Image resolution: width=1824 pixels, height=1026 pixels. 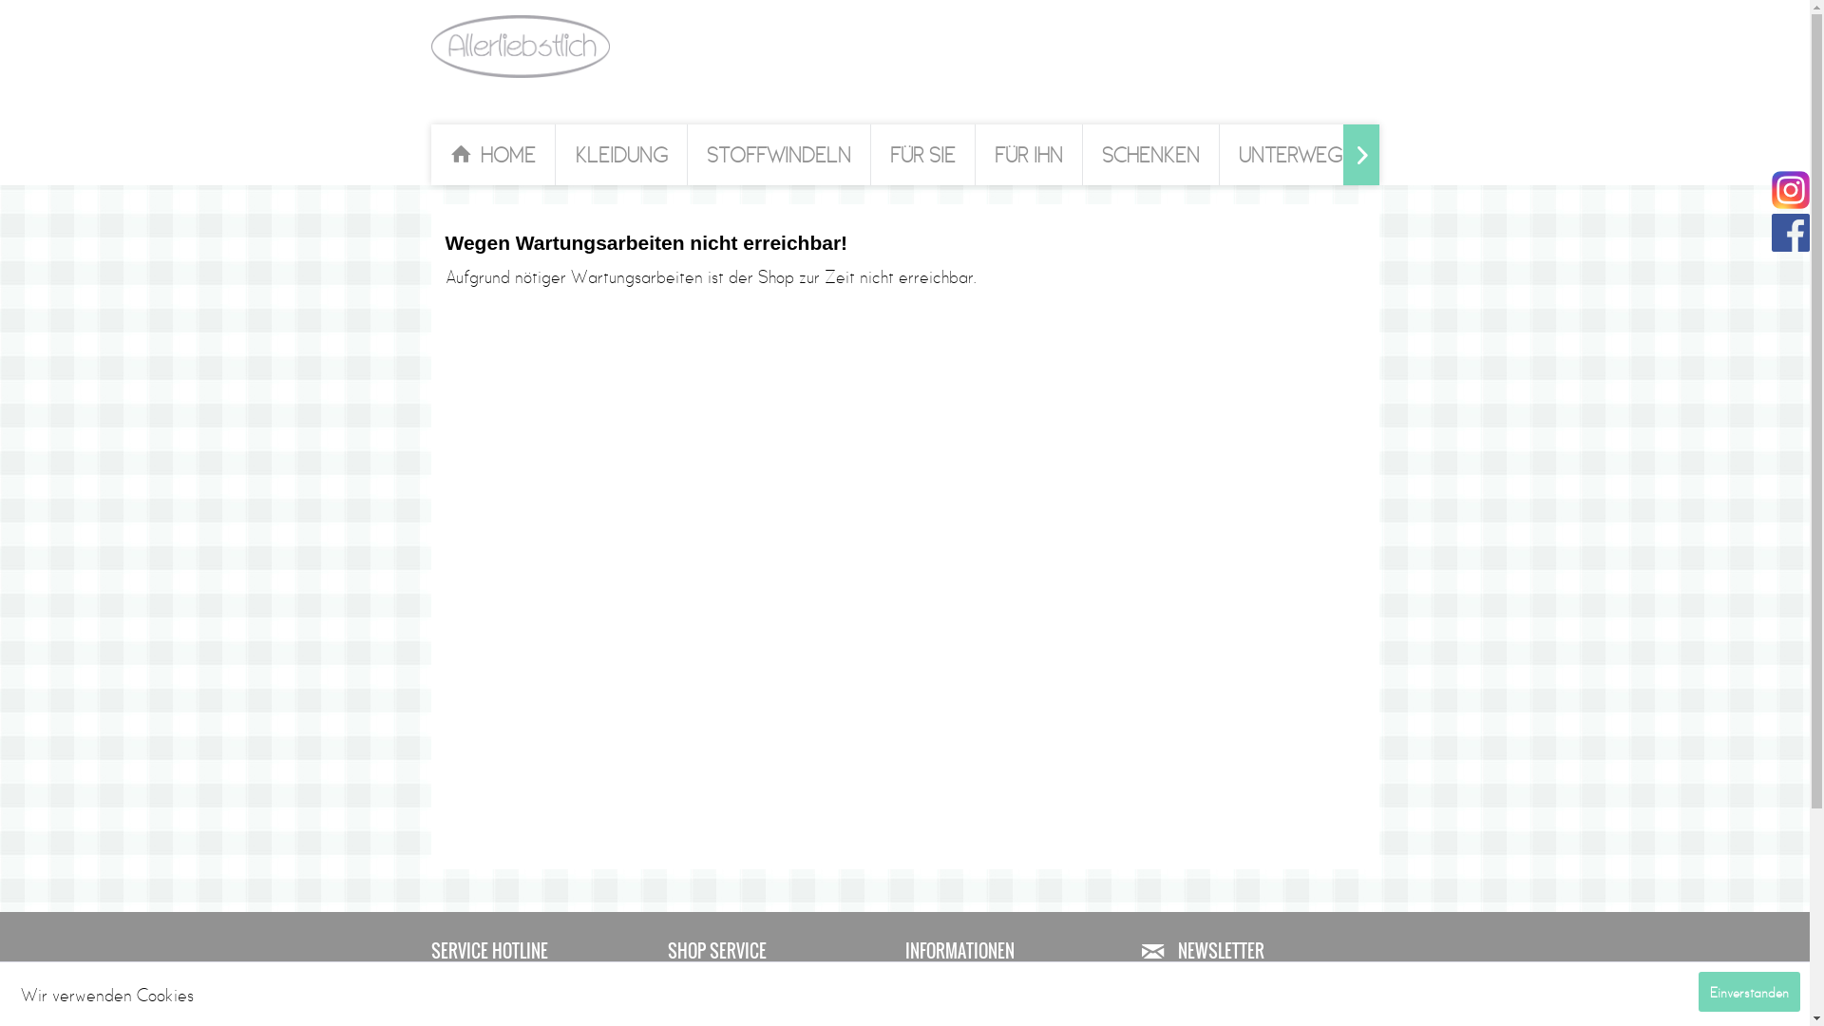 I want to click on 'STOFFWINDELN', so click(x=779, y=153).